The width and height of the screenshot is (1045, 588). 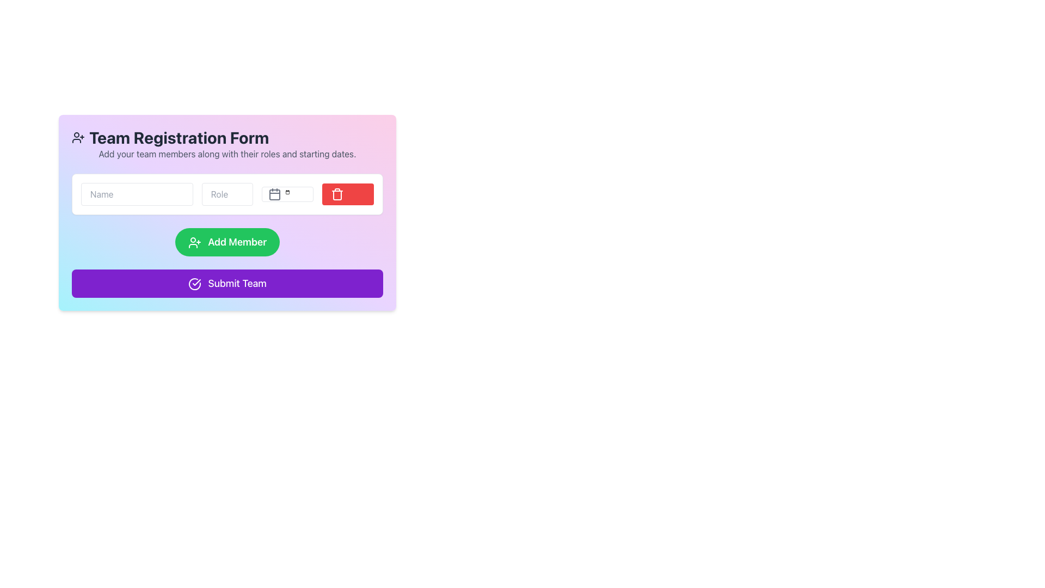 I want to click on the 'Add Member' button, which has a green background, white text, and a user-plus icon, positioned below the 'Name' and 'Role' input fields, so click(x=226, y=241).